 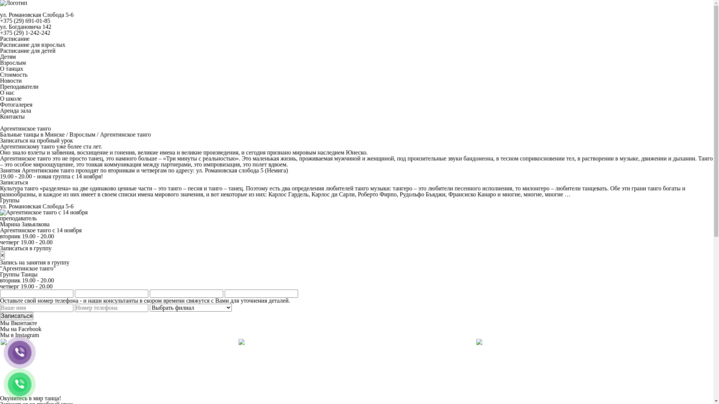 What do you see at coordinates (0, 32) in the screenshot?
I see `'+375 (29) 1-242-242'` at bounding box center [0, 32].